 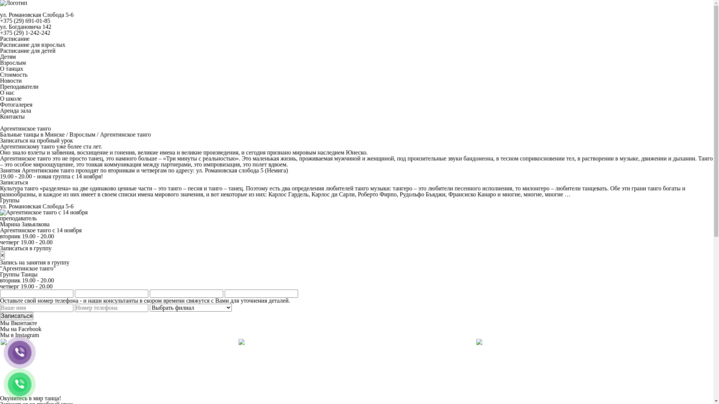 What do you see at coordinates (0, 32) in the screenshot?
I see `'+375 (29) 1-242-242'` at bounding box center [0, 32].